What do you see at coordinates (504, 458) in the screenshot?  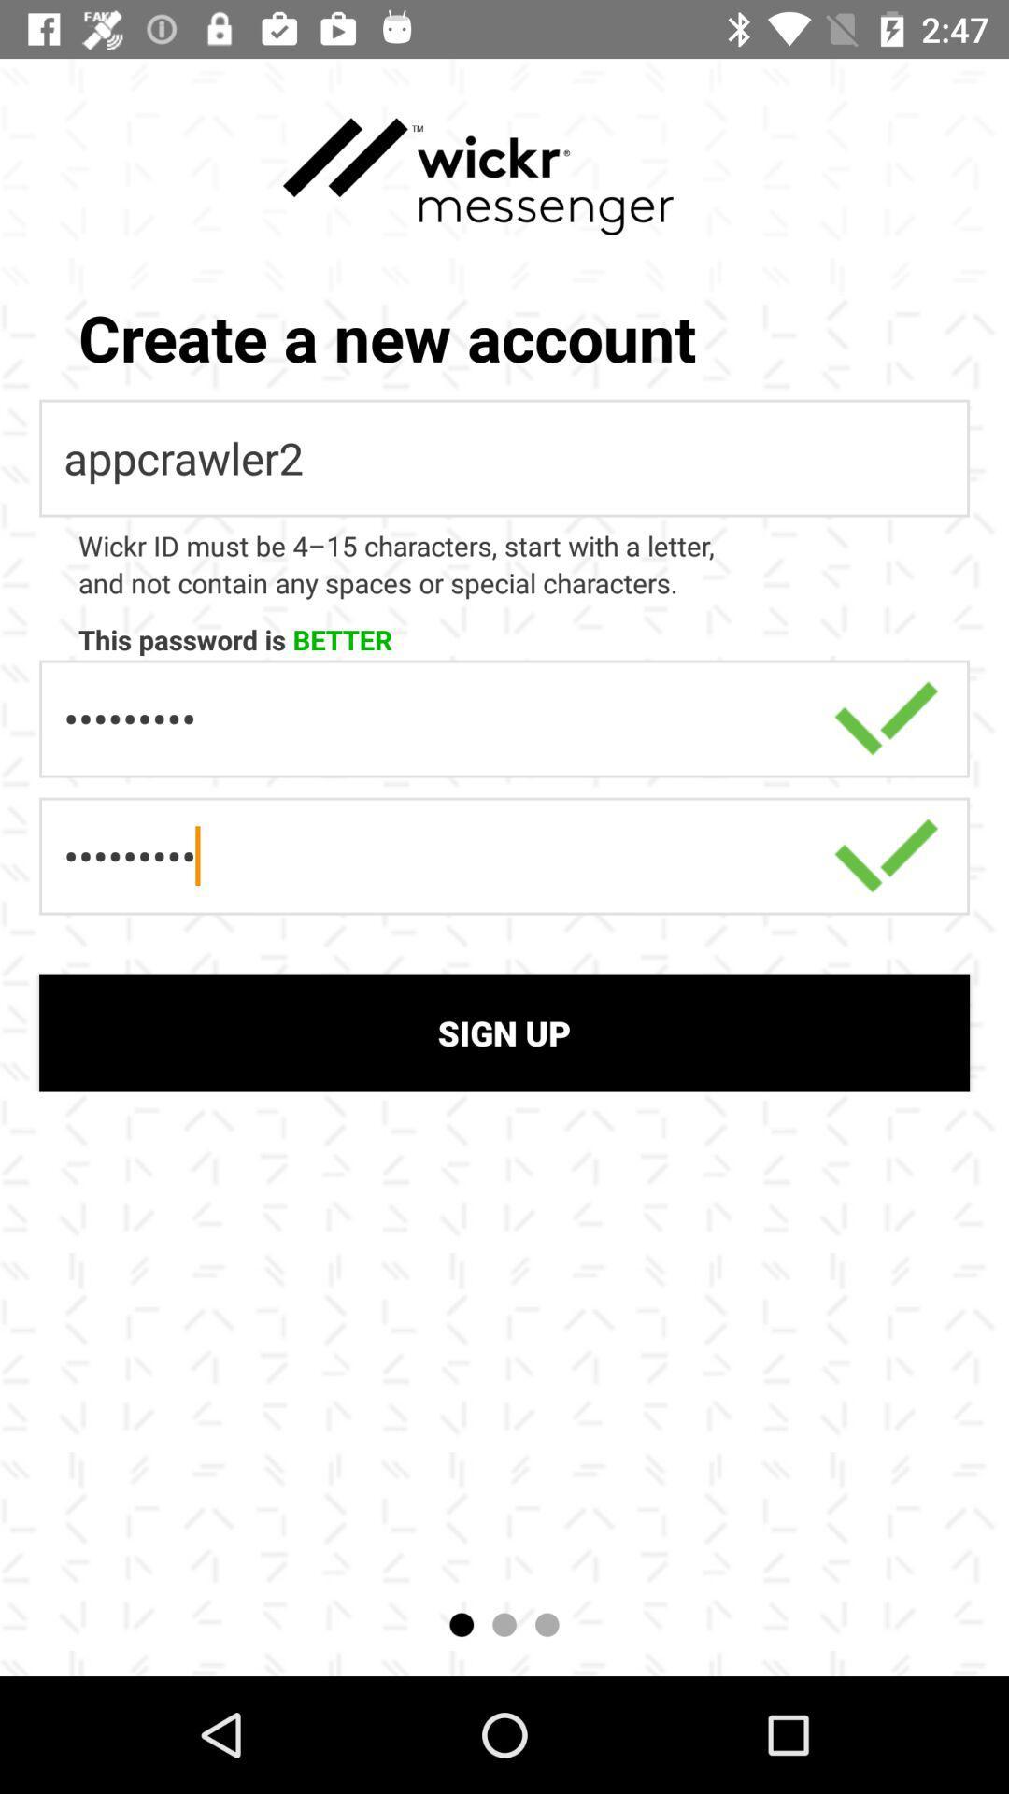 I see `item above wickr id must` at bounding box center [504, 458].